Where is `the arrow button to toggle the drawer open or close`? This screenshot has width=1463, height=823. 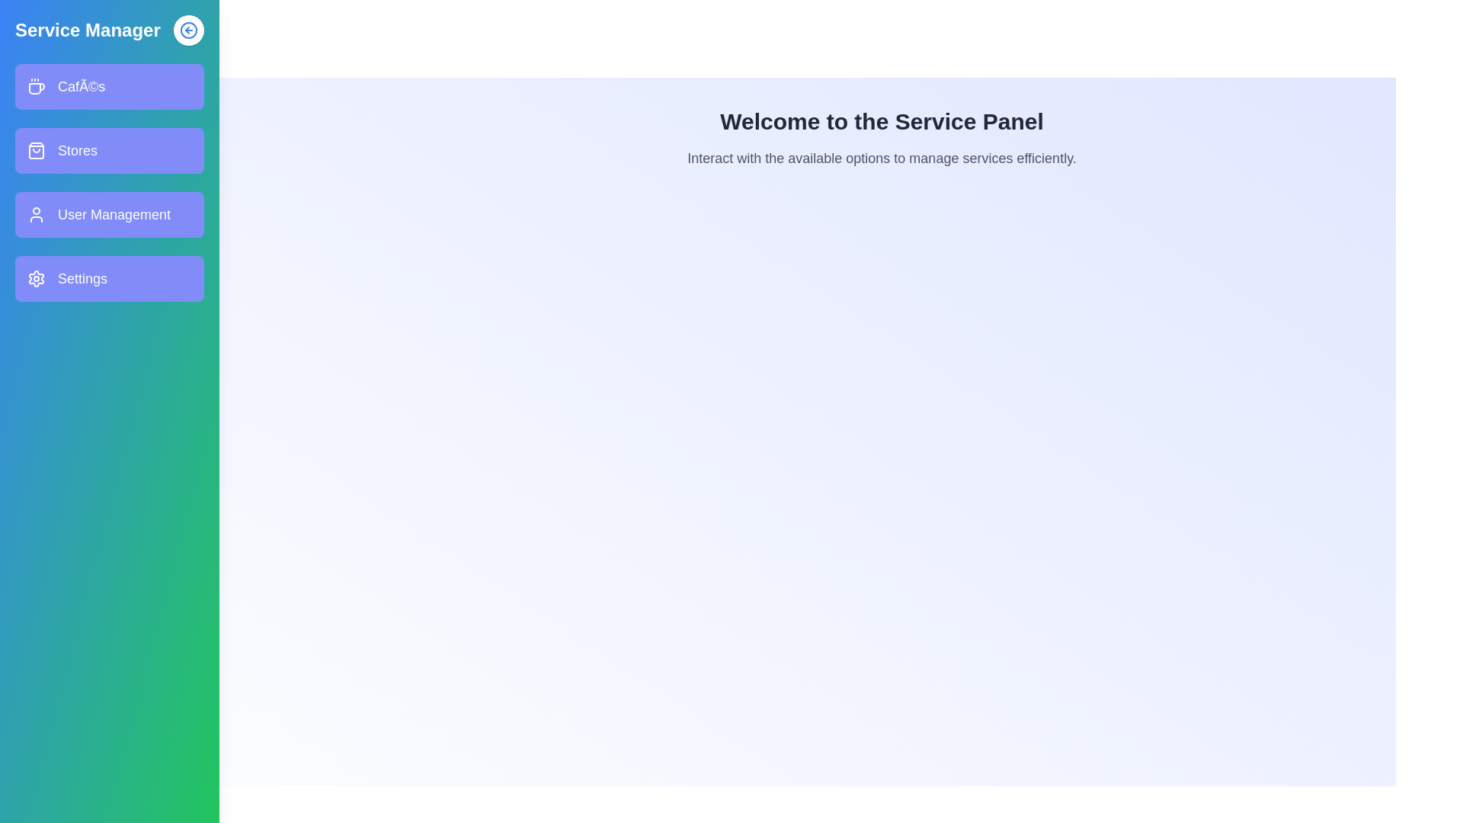
the arrow button to toggle the drawer open or close is located at coordinates (188, 30).